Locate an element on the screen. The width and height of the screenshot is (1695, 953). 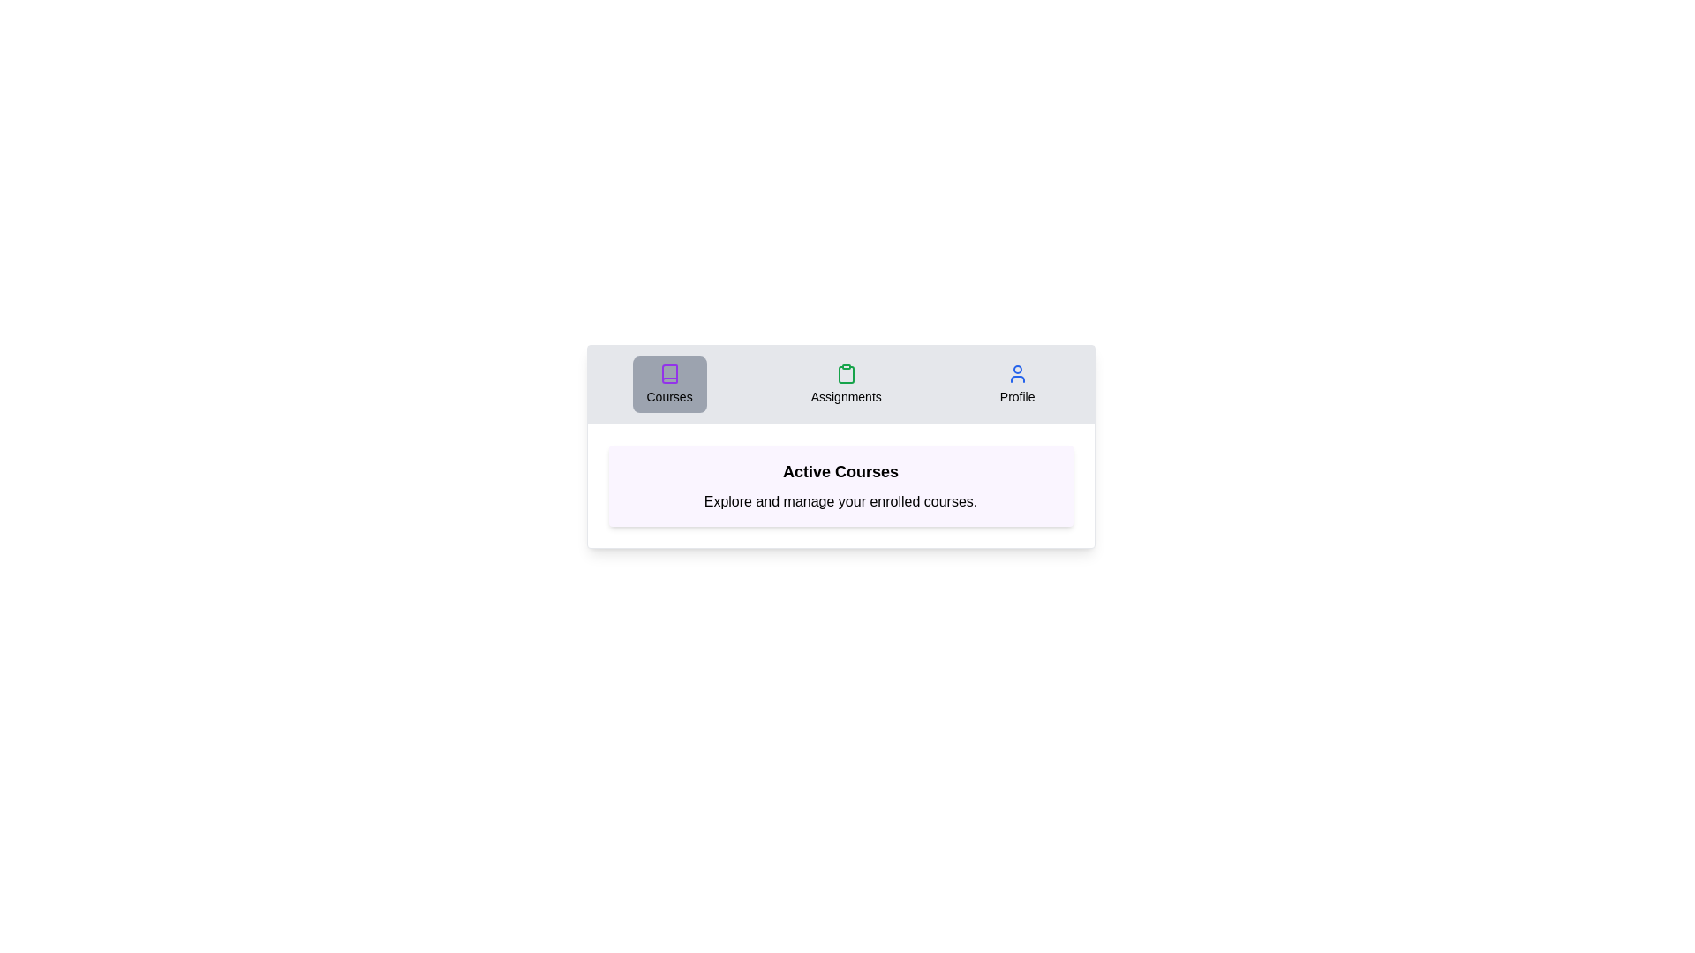
the Profile tab to view its content is located at coordinates (1017, 383).